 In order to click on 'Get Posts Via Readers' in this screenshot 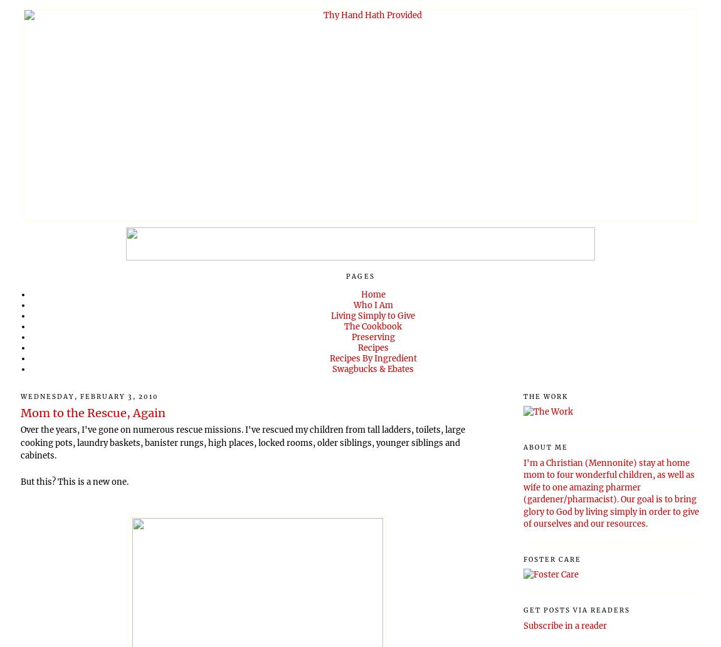, I will do `click(576, 609)`.